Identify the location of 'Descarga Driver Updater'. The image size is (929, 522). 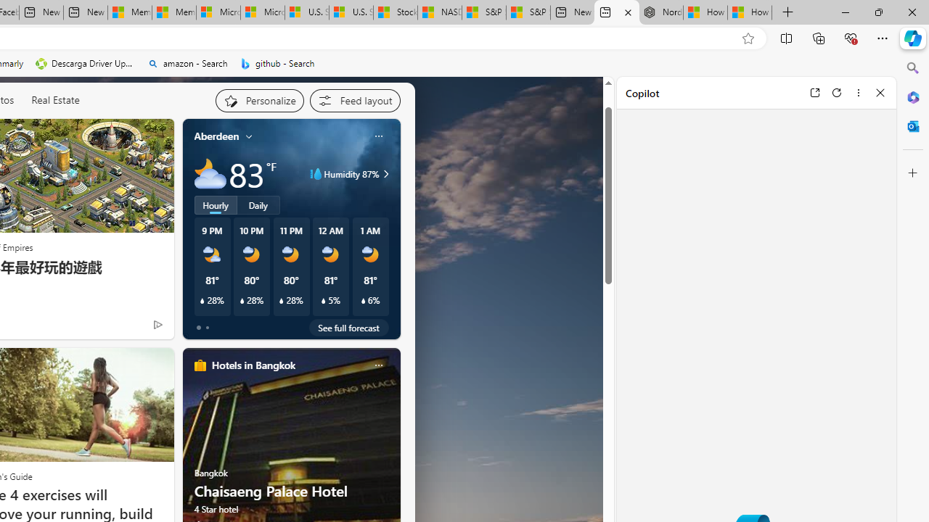
(85, 63).